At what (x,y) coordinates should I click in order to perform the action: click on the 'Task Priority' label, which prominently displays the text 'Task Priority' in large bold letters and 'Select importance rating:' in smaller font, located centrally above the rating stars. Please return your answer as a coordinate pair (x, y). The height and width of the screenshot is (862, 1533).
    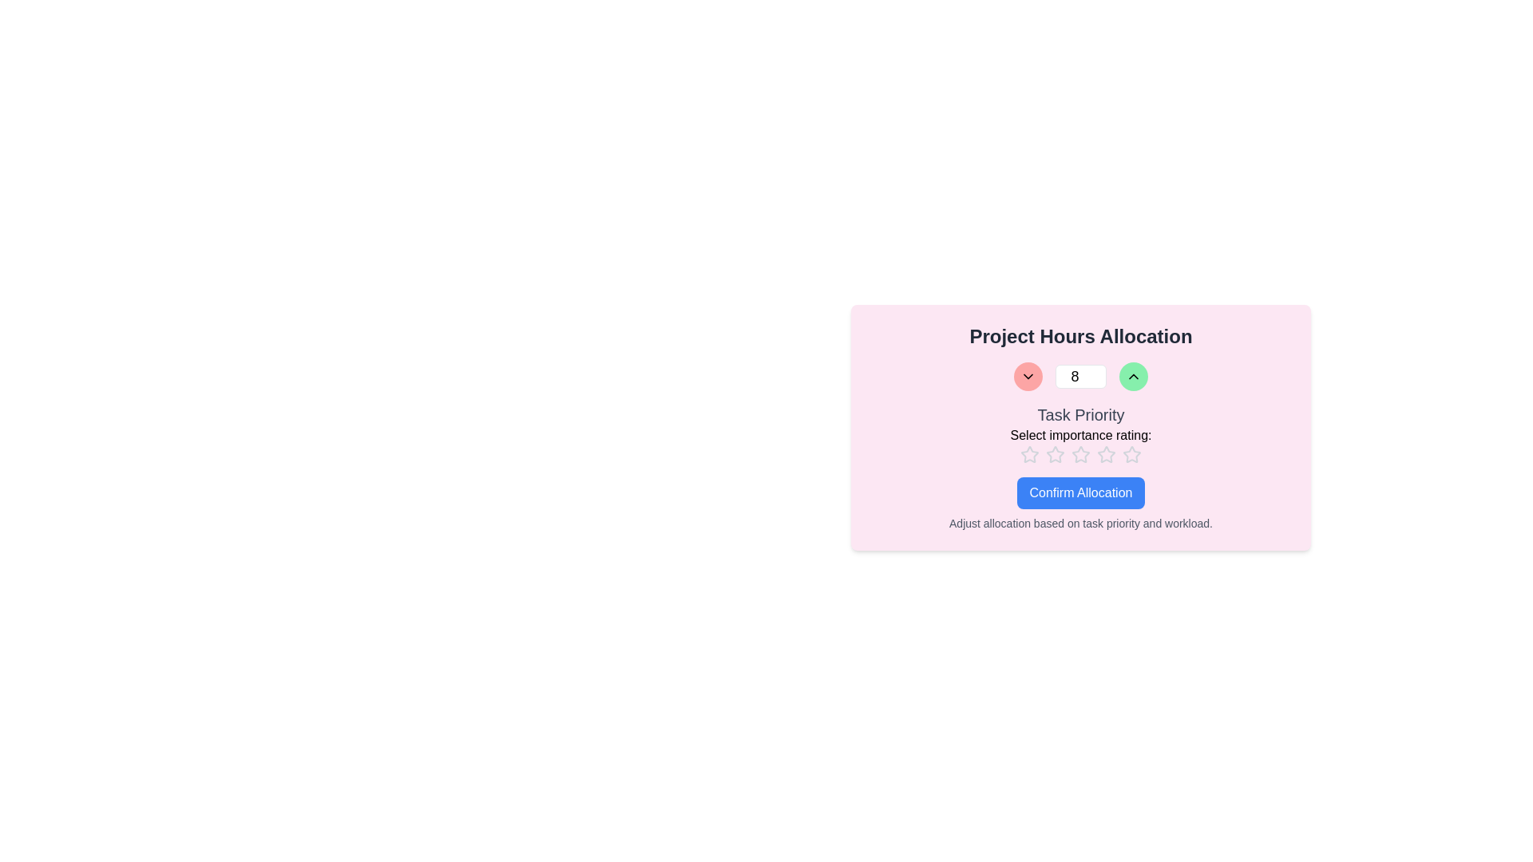
    Looking at the image, I should click on (1080, 433).